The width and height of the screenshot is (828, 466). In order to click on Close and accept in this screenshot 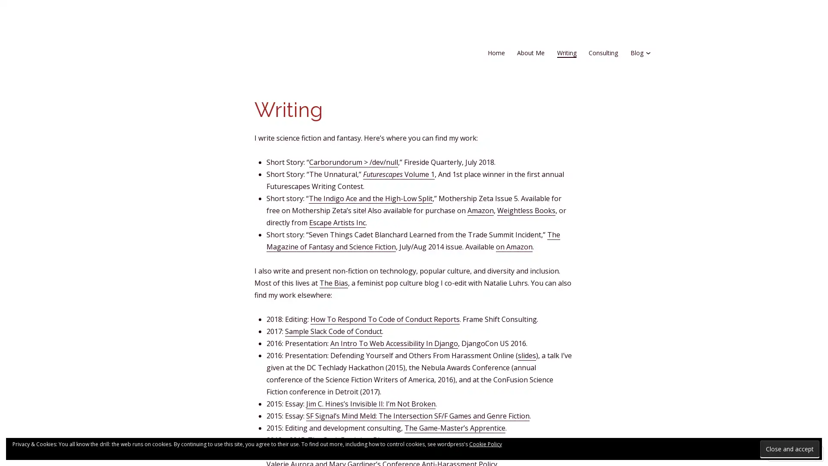, I will do `click(790, 448)`.